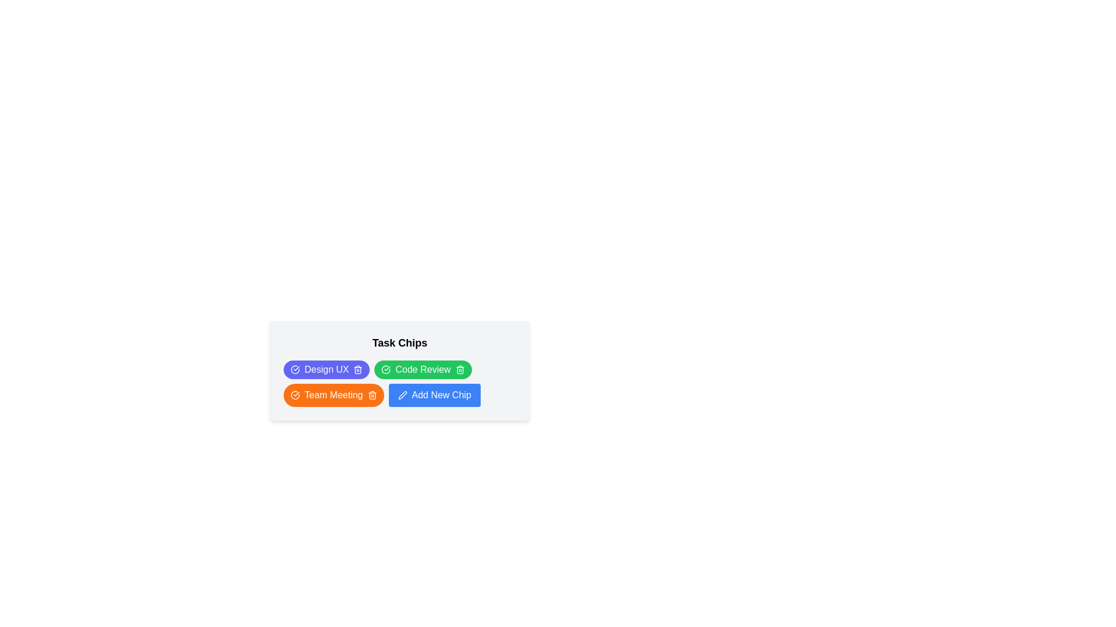  I want to click on the delete icon button located at the far-right corner of the 'Code Review' task chip, so click(459, 369).